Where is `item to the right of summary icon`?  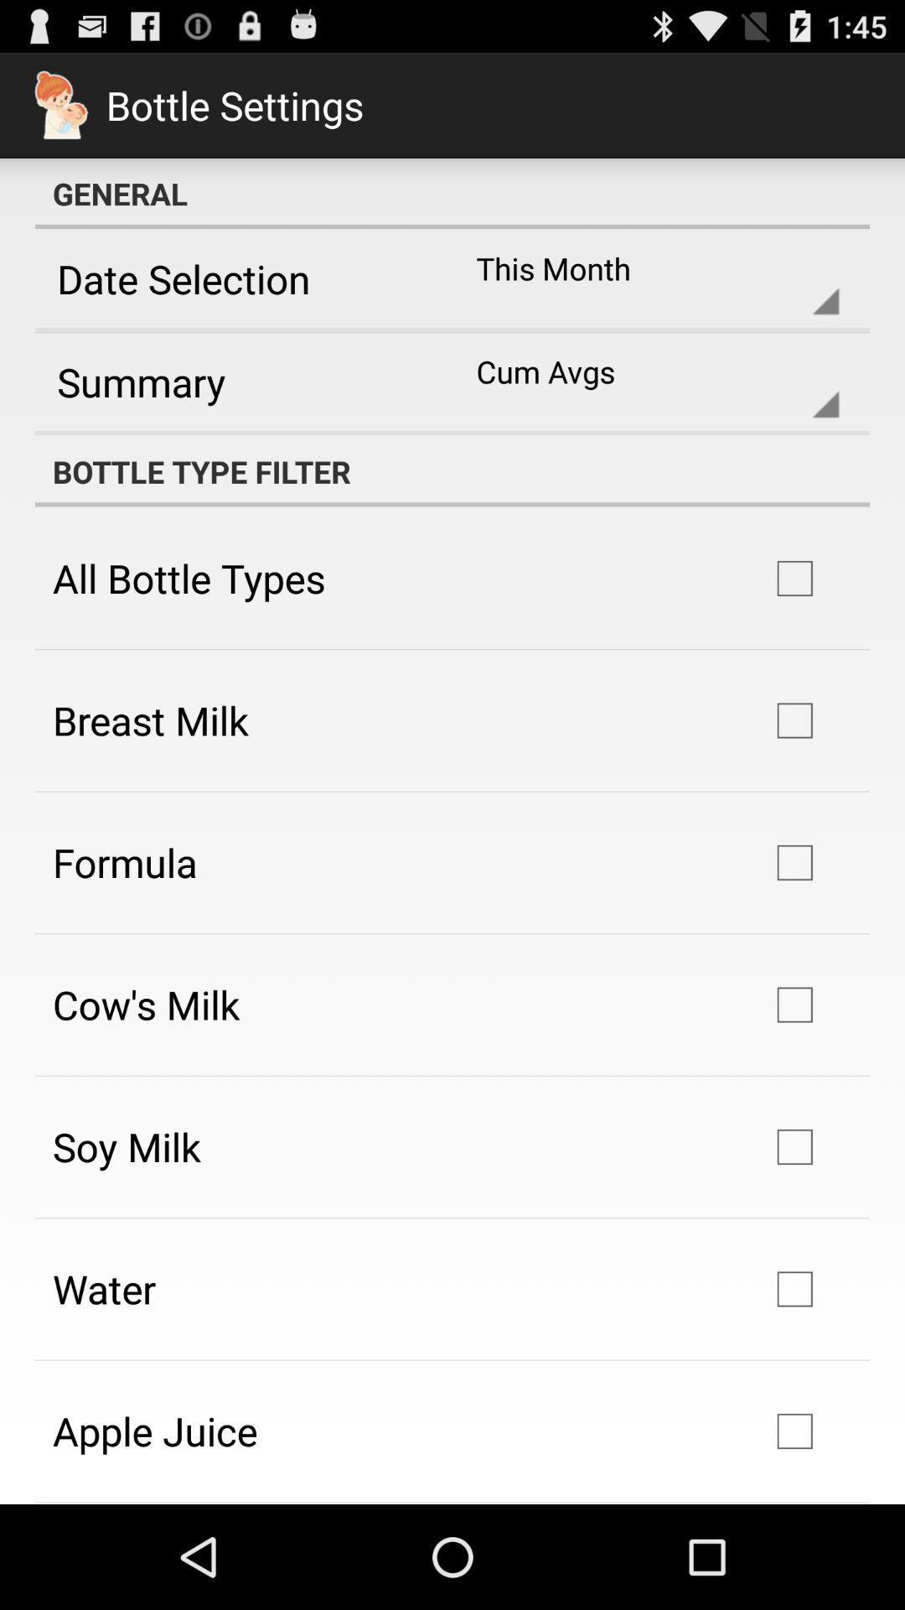 item to the right of summary icon is located at coordinates (644, 381).